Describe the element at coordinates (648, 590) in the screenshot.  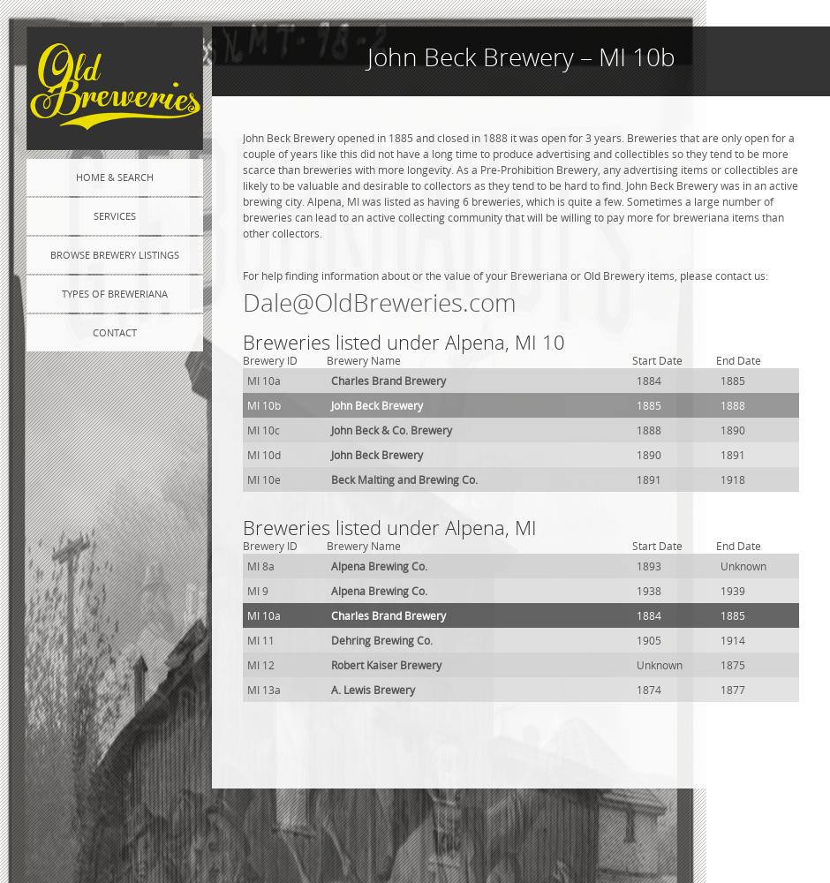
I see `'1938'` at that location.